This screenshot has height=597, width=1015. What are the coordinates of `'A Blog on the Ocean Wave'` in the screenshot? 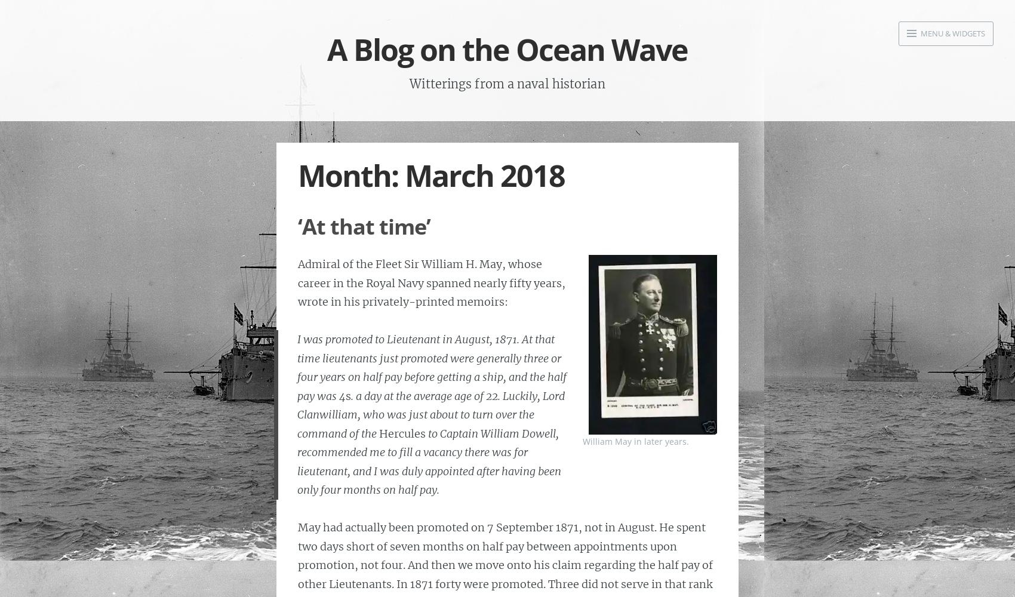 It's located at (507, 49).